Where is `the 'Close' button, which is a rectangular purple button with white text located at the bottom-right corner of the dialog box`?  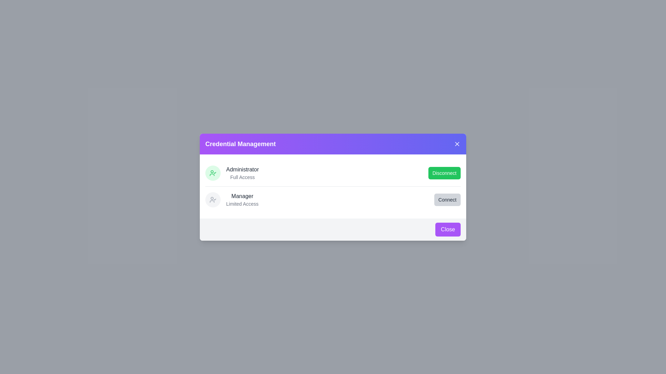
the 'Close' button, which is a rectangular purple button with white text located at the bottom-right corner of the dialog box is located at coordinates (448, 229).